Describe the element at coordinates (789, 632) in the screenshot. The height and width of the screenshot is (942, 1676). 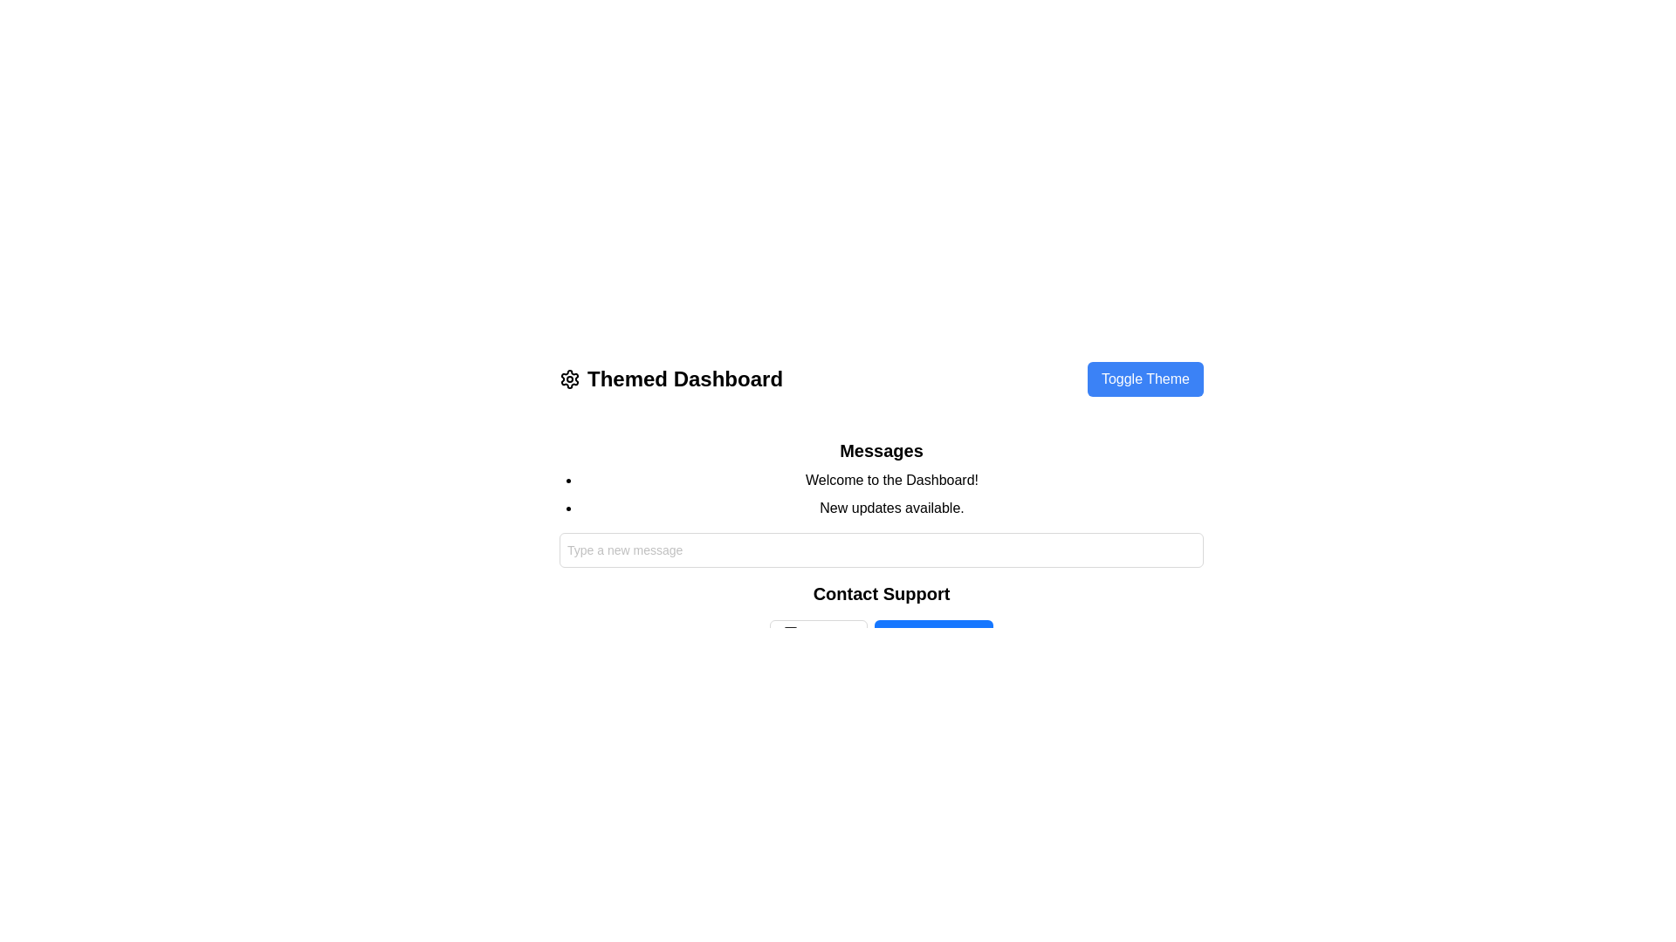
I see `the email icon located centrally below the 'Contact Support' label` at that location.